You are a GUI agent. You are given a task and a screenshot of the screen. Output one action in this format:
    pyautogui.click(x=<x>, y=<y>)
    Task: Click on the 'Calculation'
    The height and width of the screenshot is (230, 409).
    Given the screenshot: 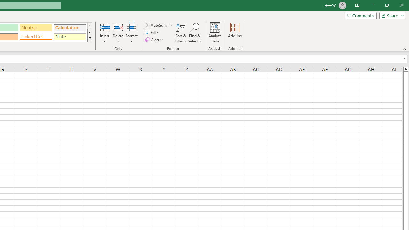 What is the action you would take?
    pyautogui.click(x=70, y=27)
    